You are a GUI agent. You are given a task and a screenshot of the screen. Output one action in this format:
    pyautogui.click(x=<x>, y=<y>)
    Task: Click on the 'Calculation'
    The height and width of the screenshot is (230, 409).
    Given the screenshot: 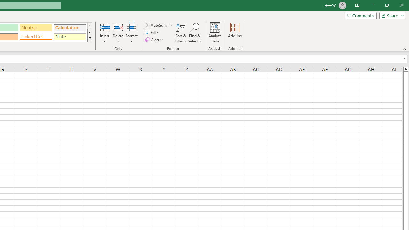 What is the action you would take?
    pyautogui.click(x=70, y=27)
    